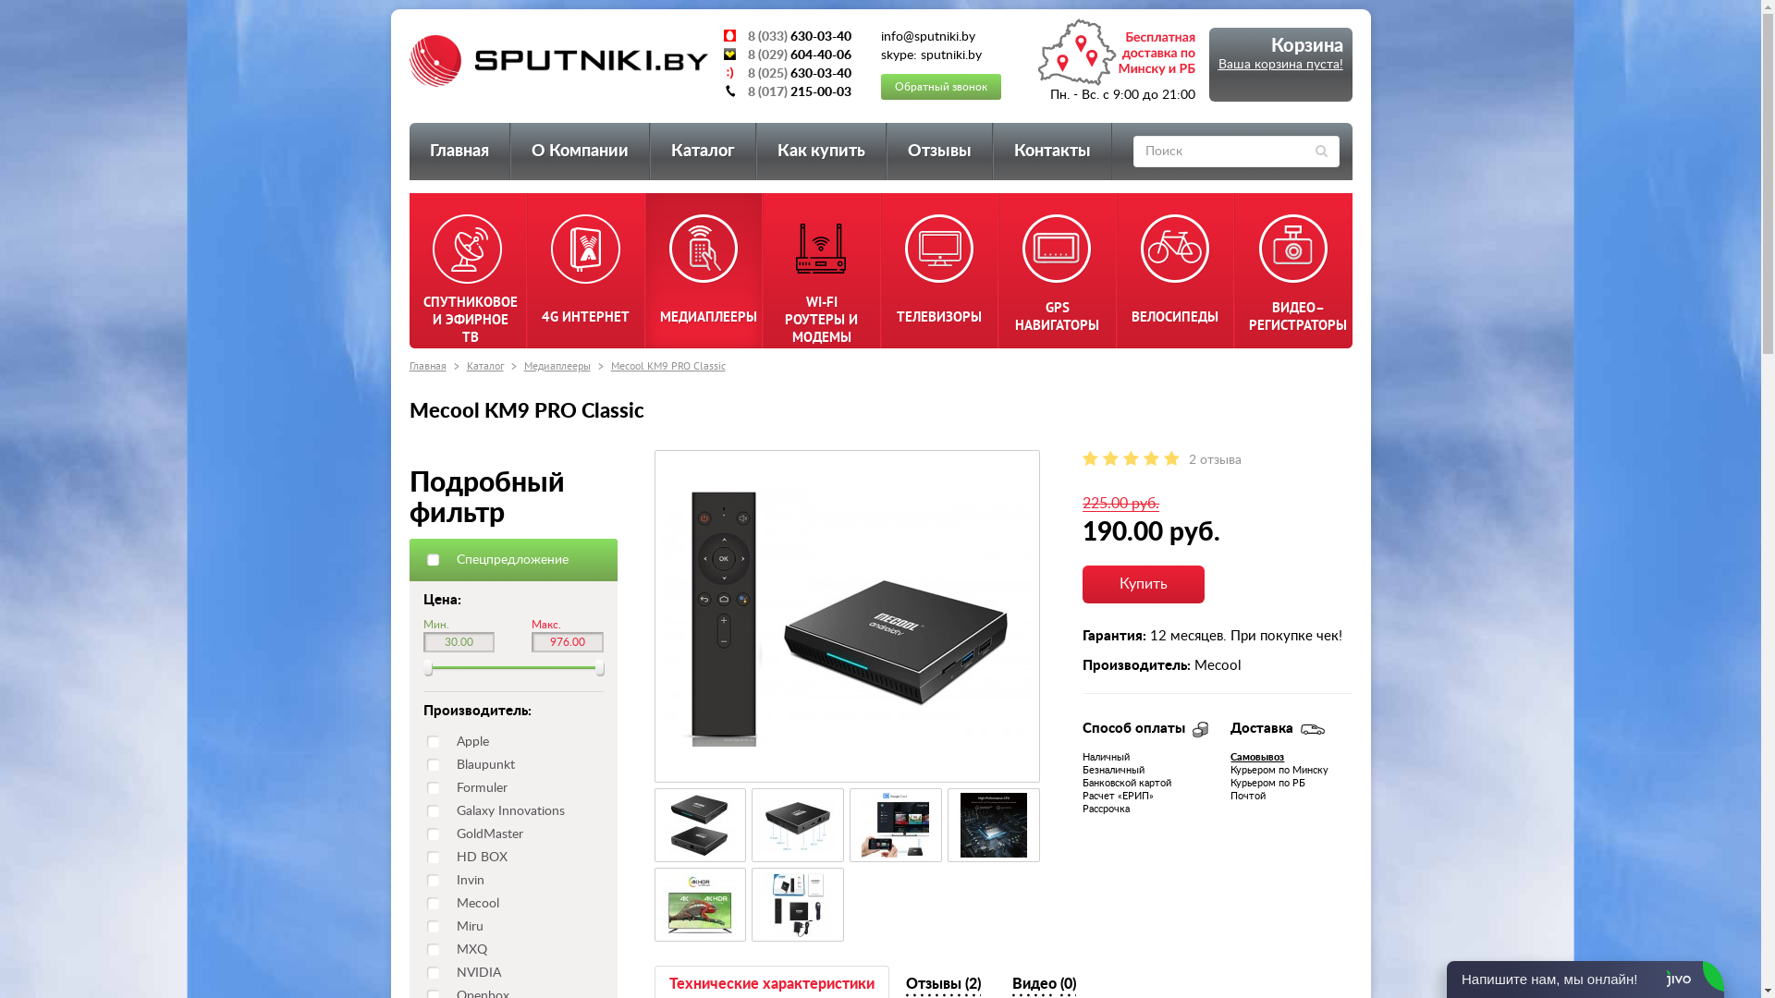 The height and width of the screenshot is (998, 1775). I want to click on 'Mecool KM9 PRO Classic', so click(858, 824).